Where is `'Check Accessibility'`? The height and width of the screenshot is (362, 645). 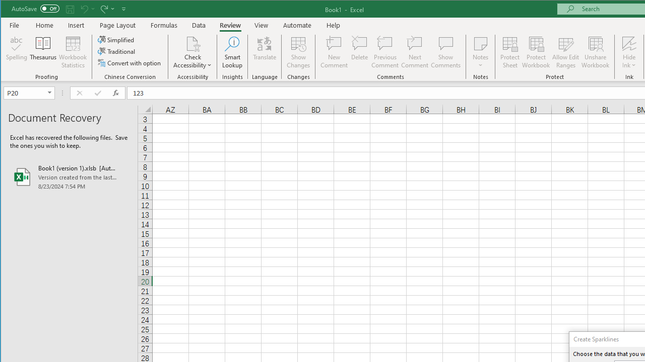 'Check Accessibility' is located at coordinates (192, 52).